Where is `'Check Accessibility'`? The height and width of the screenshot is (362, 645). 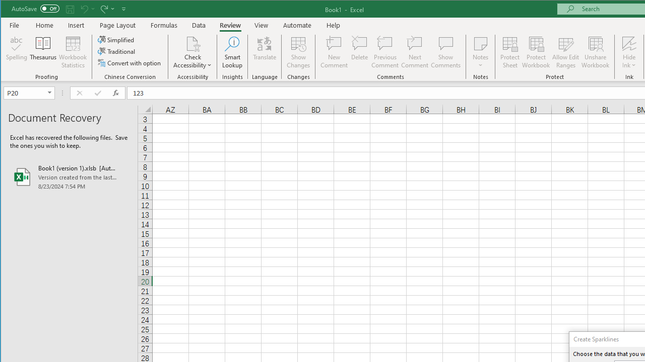 'Check Accessibility' is located at coordinates (192, 52).